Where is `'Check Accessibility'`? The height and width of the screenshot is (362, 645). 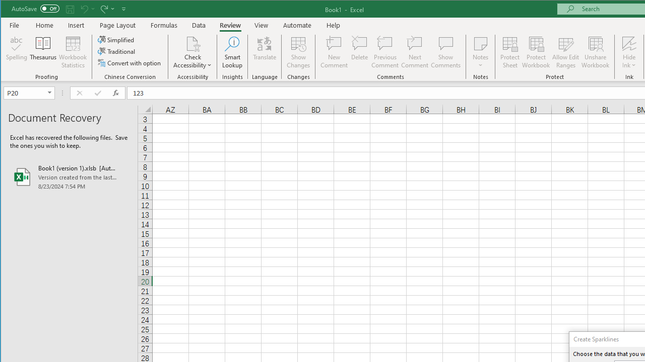 'Check Accessibility' is located at coordinates (192, 52).